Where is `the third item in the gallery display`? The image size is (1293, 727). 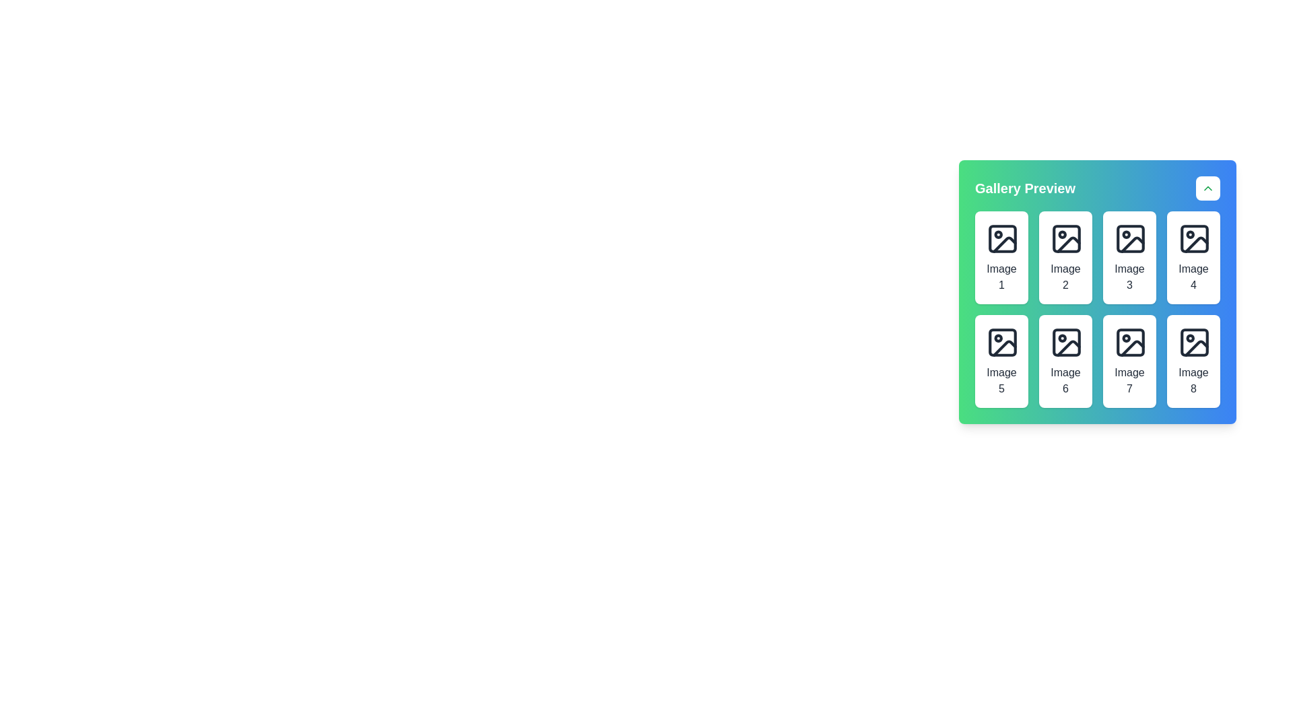 the third item in the gallery display is located at coordinates (1129, 257).